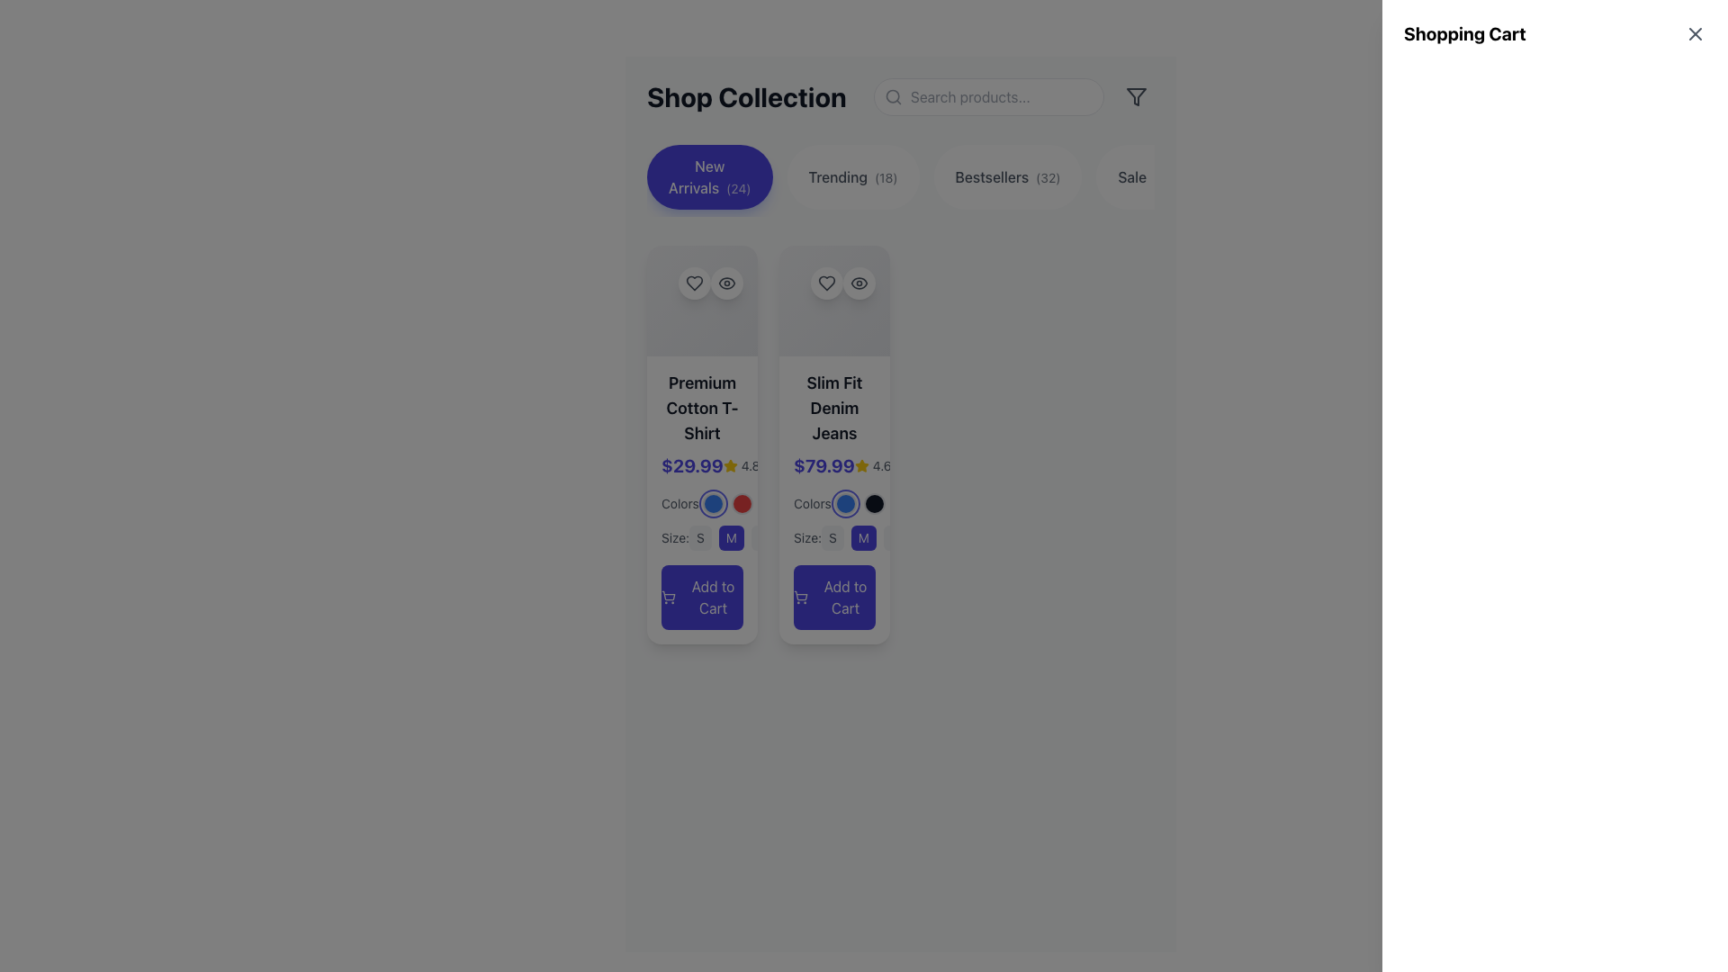 Image resolution: width=1728 pixels, height=972 pixels. What do you see at coordinates (813, 503) in the screenshot?
I see `the text label displaying 'Colors:' which is styled in a thin, gray font and is positioned above and slightly to the left of the circular color indicators in the 'Slim Fit Denim Jeans' product card` at bounding box center [813, 503].